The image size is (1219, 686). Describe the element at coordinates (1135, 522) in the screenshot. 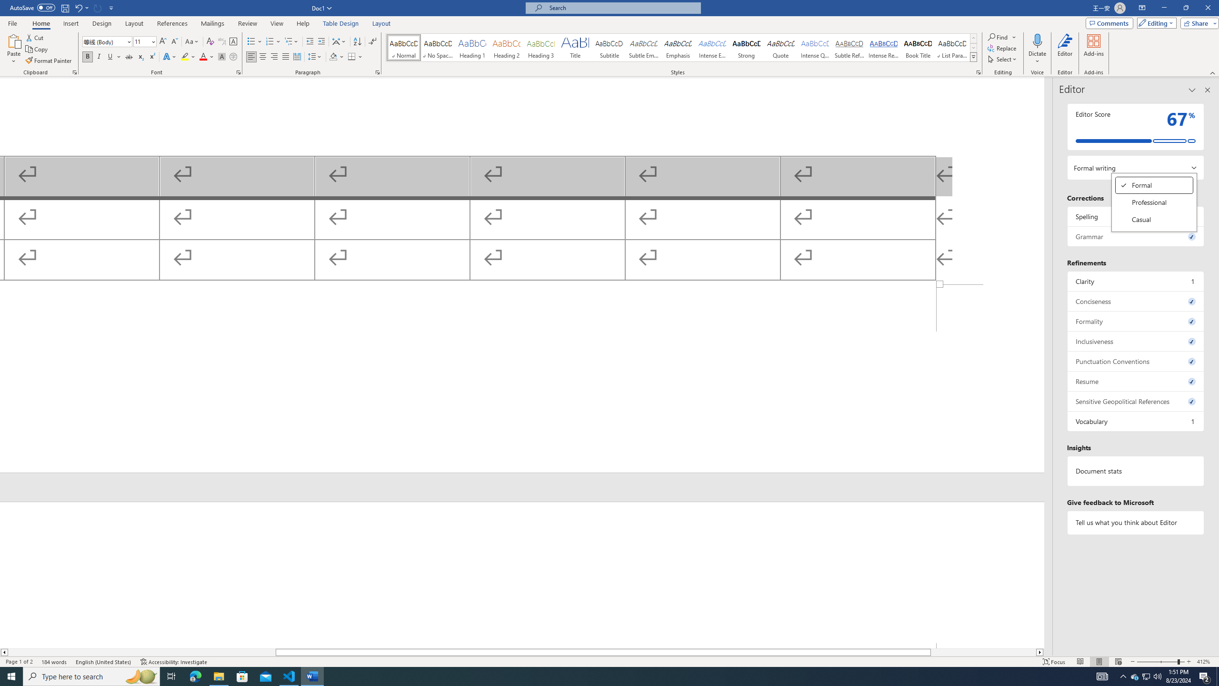

I see `'Tell us what you think about Editor'` at that location.